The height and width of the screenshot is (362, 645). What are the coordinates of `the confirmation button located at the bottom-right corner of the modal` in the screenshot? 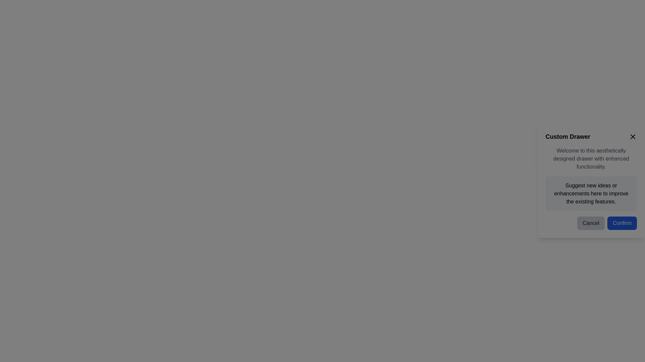 It's located at (622, 223).